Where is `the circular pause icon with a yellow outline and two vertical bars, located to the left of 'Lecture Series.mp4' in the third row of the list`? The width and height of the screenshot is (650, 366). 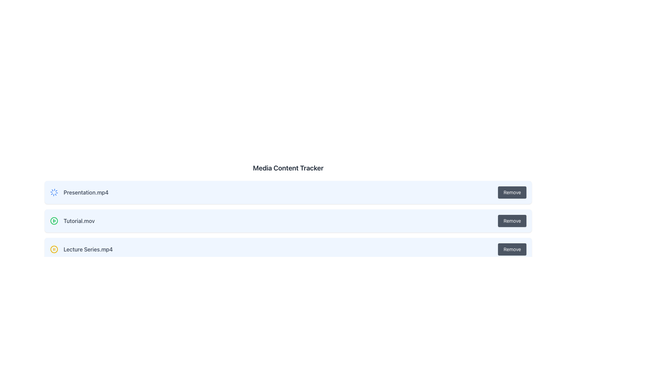
the circular pause icon with a yellow outline and two vertical bars, located to the left of 'Lecture Series.mp4' in the third row of the list is located at coordinates (53, 249).